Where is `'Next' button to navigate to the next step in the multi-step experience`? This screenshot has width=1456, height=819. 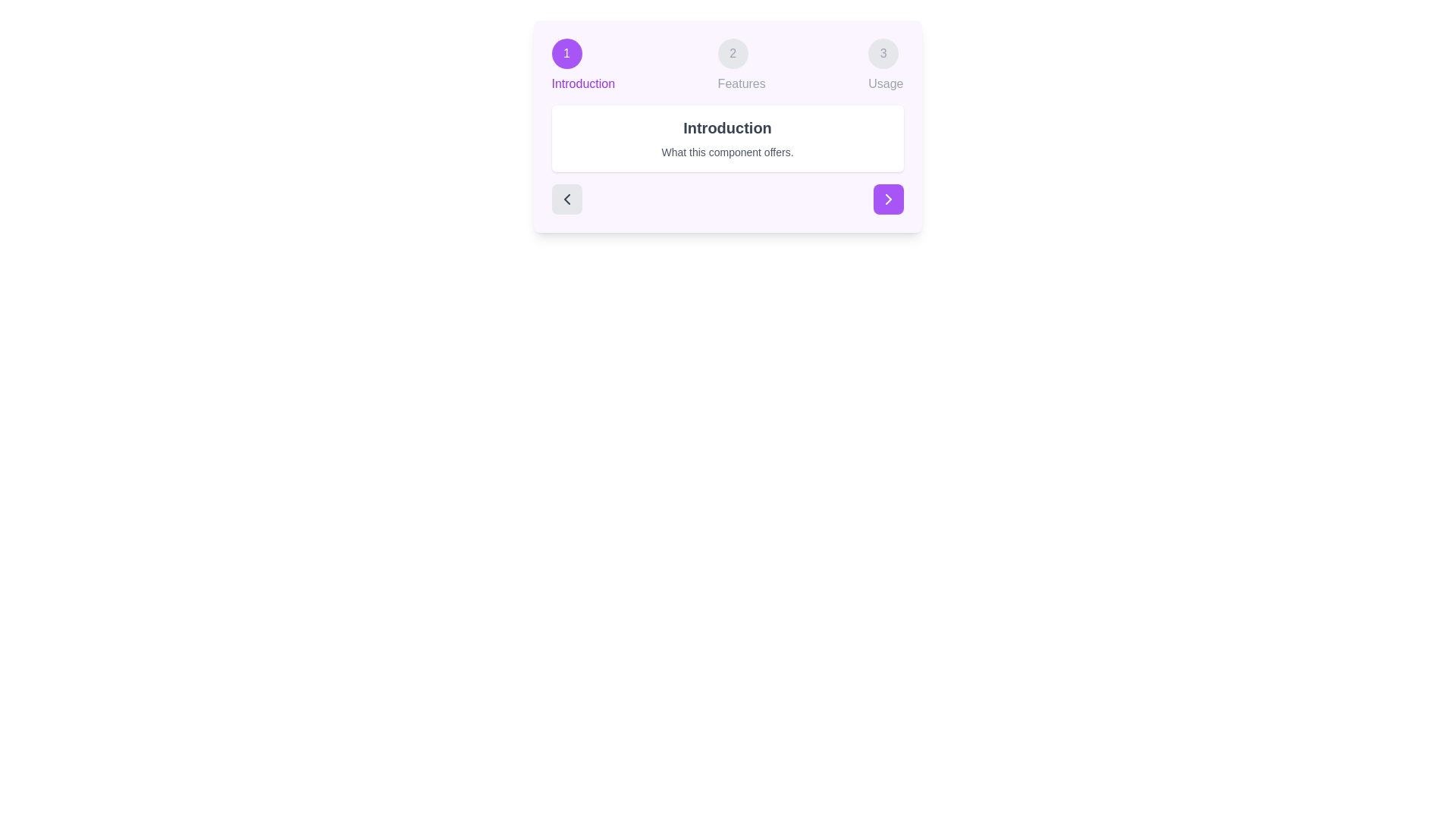 'Next' button to navigate to the next step in the multi-step experience is located at coordinates (888, 198).